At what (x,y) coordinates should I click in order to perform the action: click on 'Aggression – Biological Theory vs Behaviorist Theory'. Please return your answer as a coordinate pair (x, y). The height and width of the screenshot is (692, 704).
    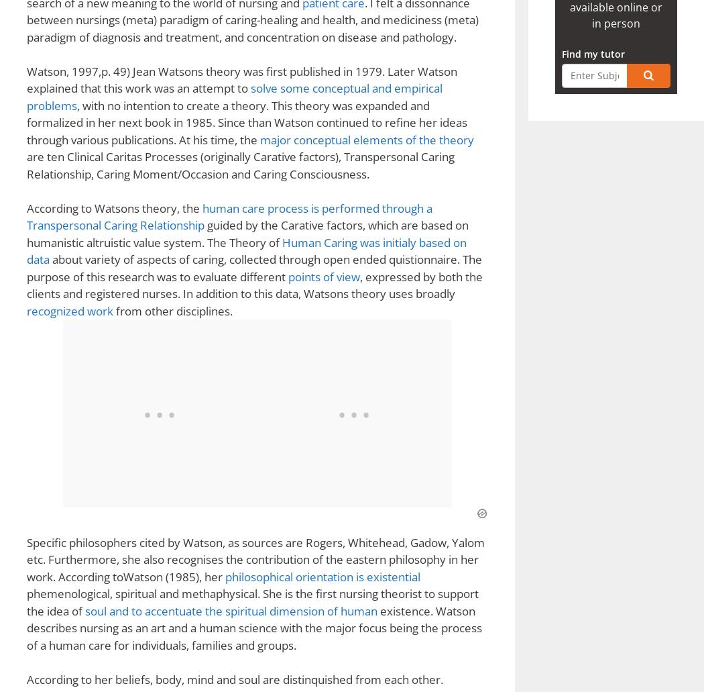
    Looking at the image, I should click on (209, 59).